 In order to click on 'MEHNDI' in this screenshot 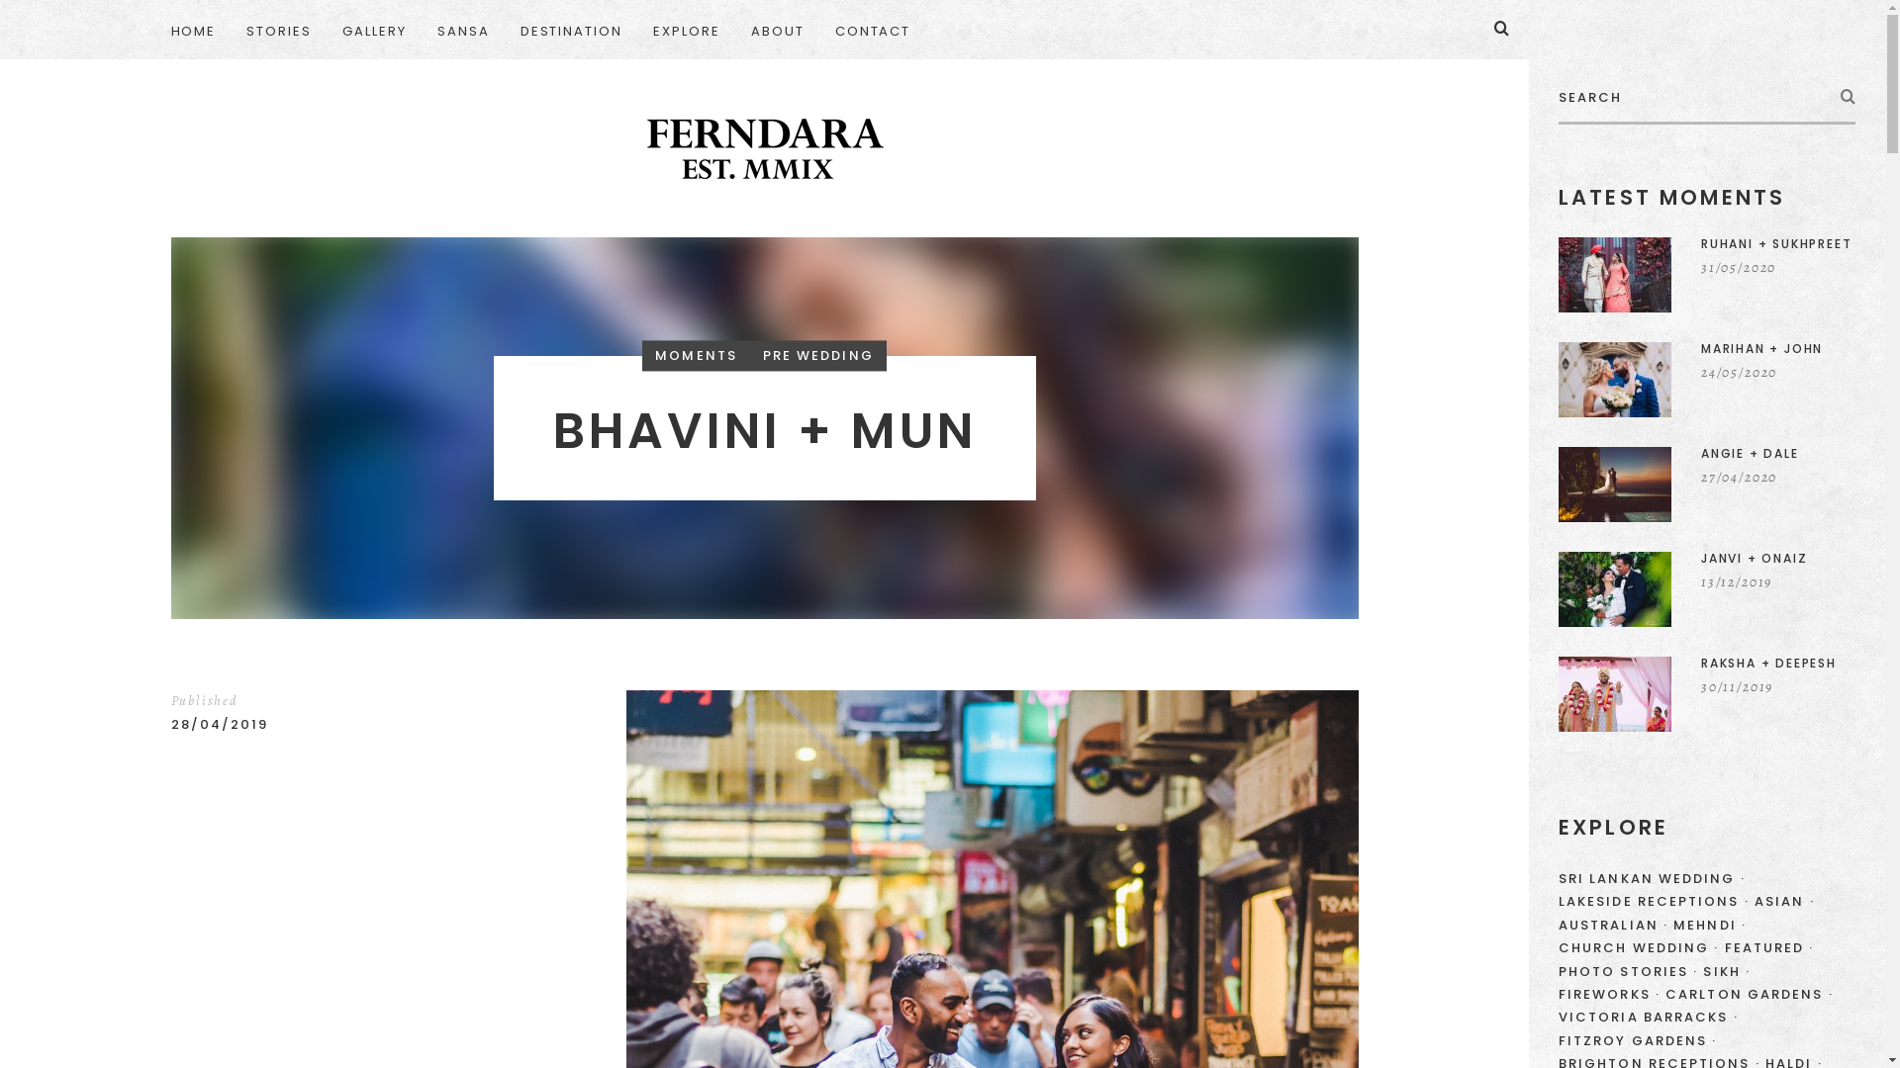, I will do `click(1709, 925)`.